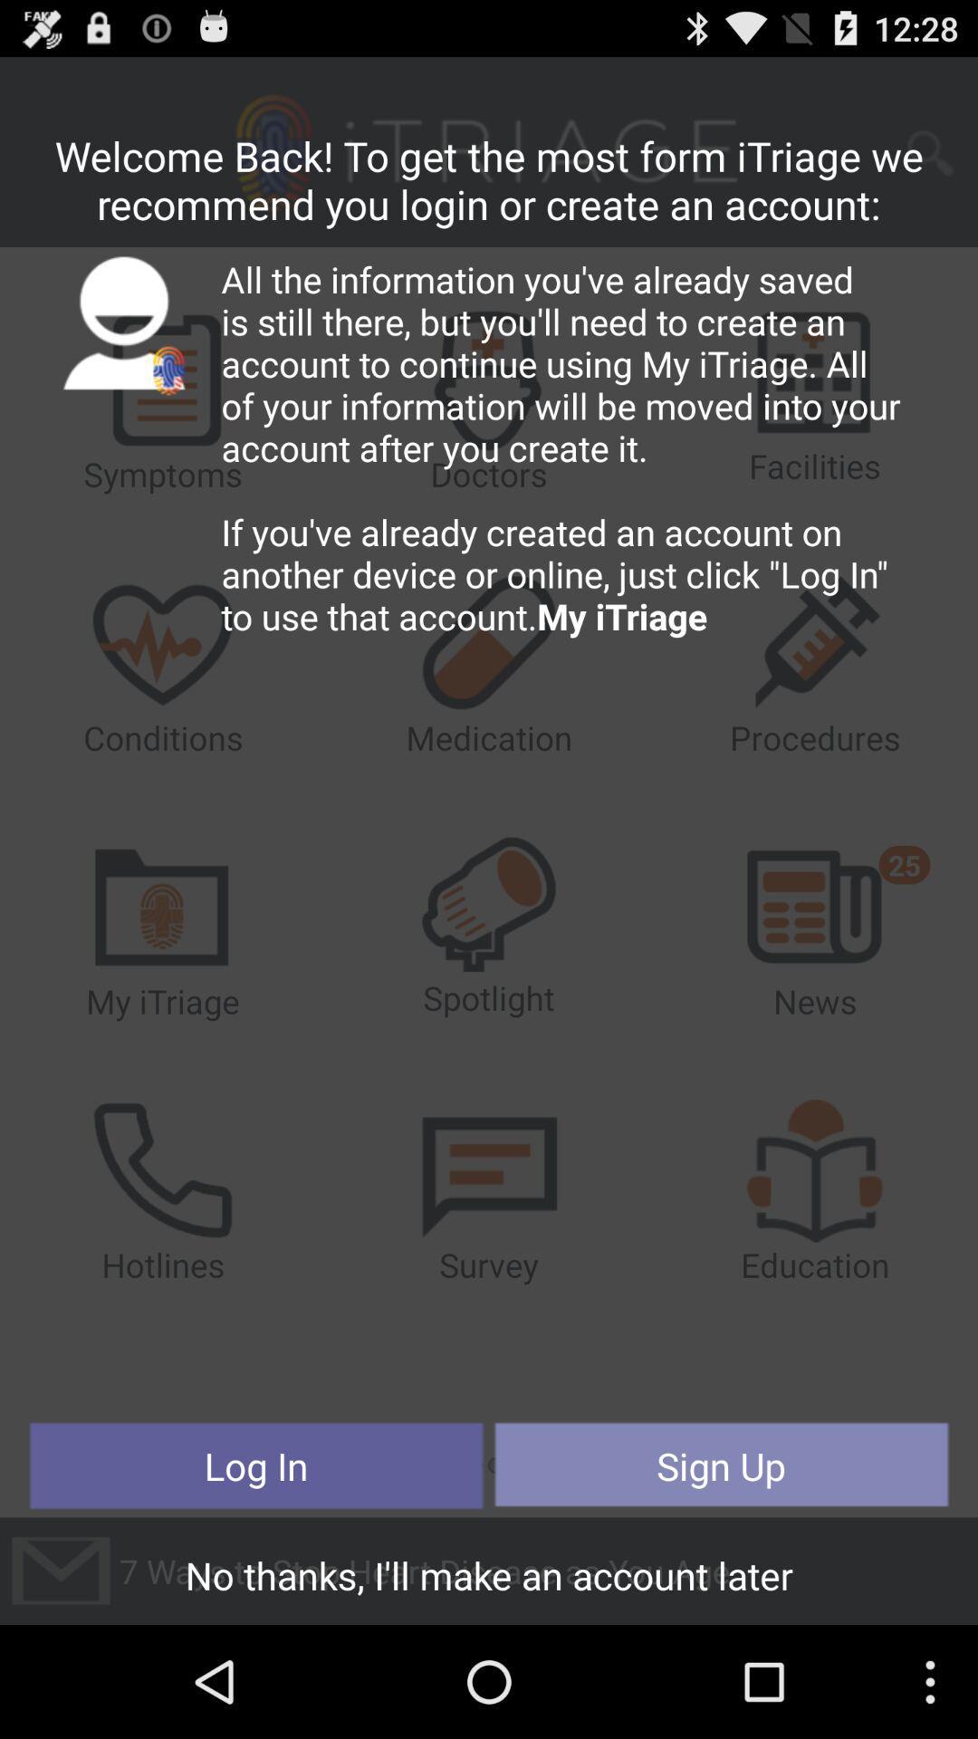  I want to click on icon at the bottom right corner, so click(720, 1465).